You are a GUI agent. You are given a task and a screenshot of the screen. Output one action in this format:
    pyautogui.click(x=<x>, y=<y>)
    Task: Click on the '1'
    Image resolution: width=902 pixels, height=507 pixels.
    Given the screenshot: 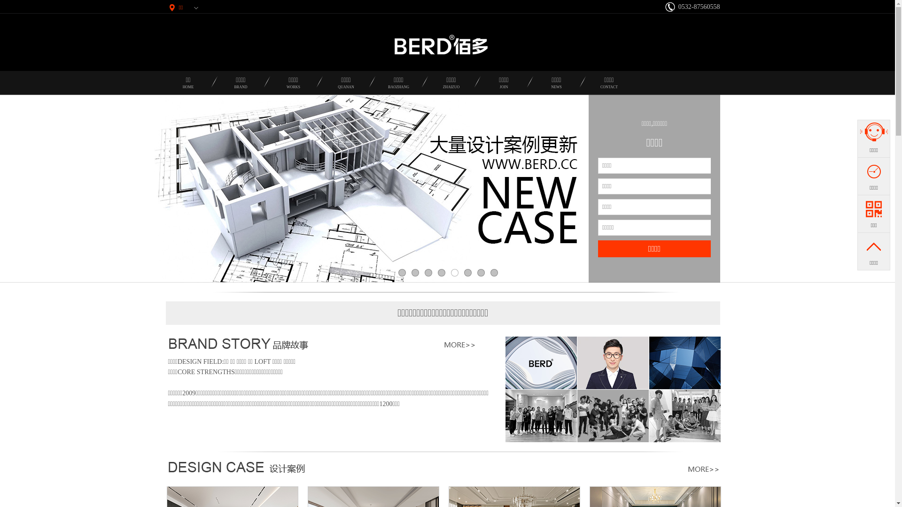 What is the action you would take?
    pyautogui.click(x=402, y=273)
    